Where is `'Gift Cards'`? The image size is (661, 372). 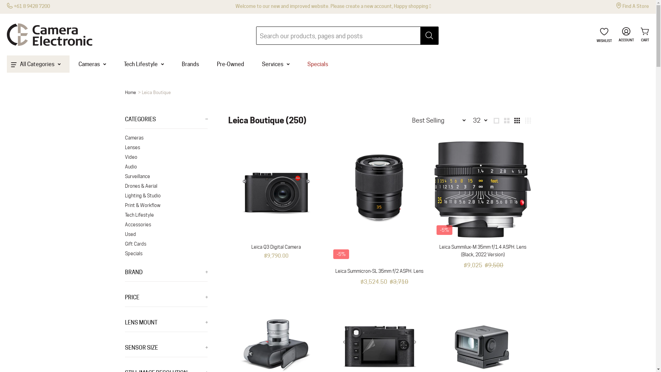
'Gift Cards' is located at coordinates (166, 244).